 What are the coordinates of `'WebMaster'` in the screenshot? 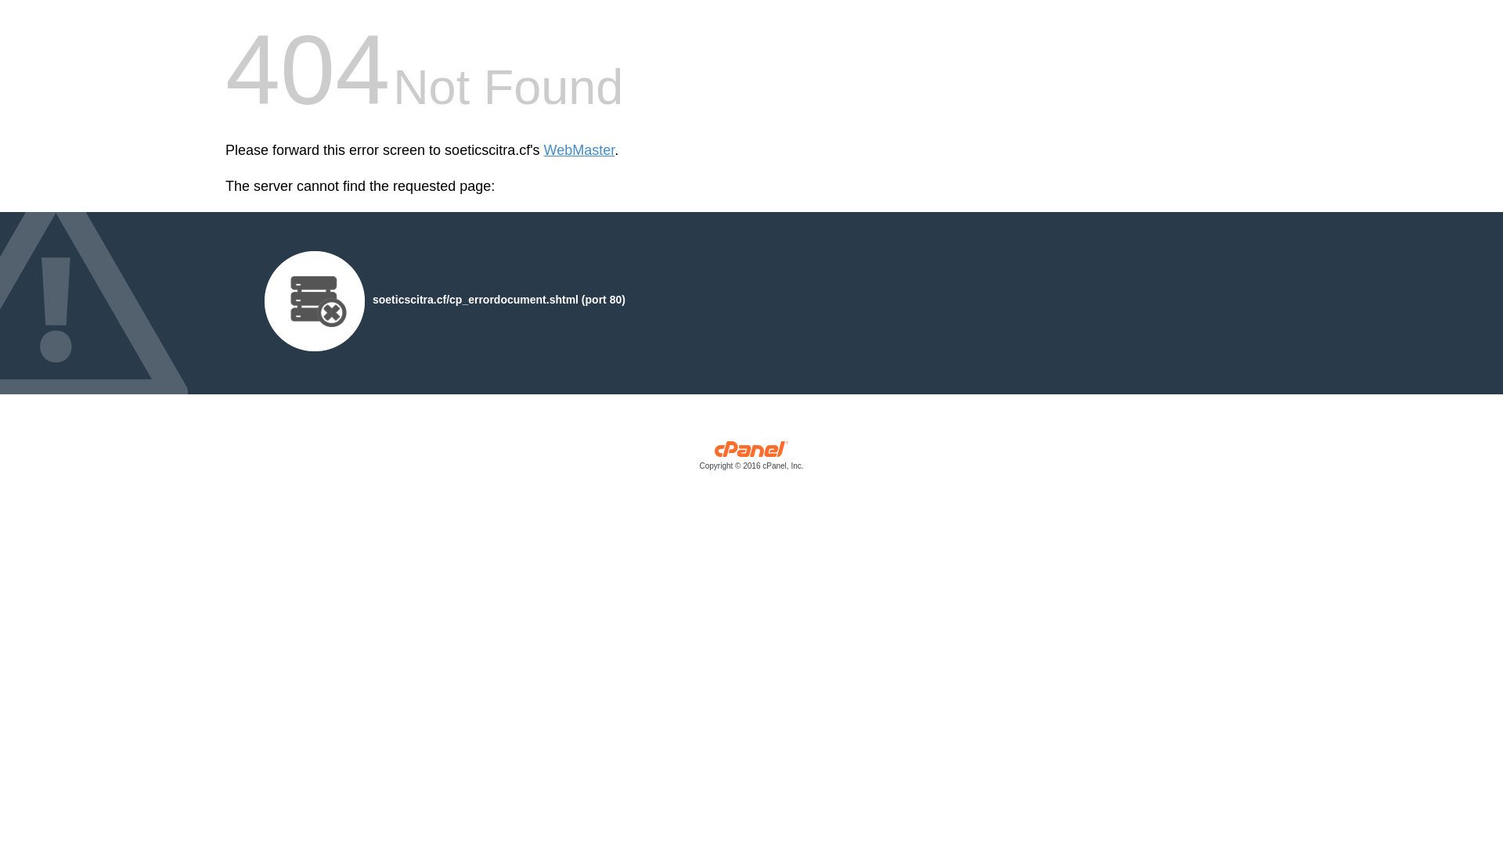 It's located at (578, 150).